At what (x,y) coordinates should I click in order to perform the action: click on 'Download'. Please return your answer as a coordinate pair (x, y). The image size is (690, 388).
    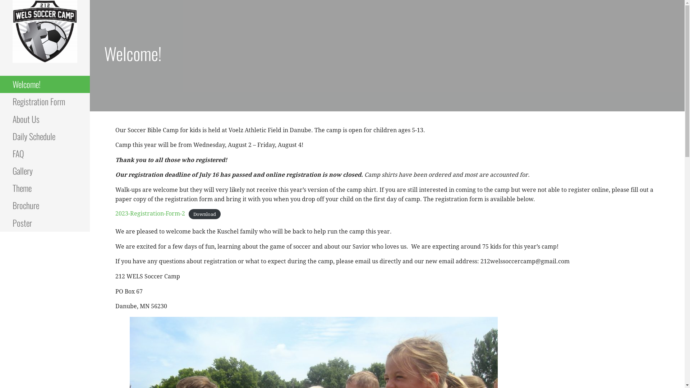
    Looking at the image, I should click on (204, 214).